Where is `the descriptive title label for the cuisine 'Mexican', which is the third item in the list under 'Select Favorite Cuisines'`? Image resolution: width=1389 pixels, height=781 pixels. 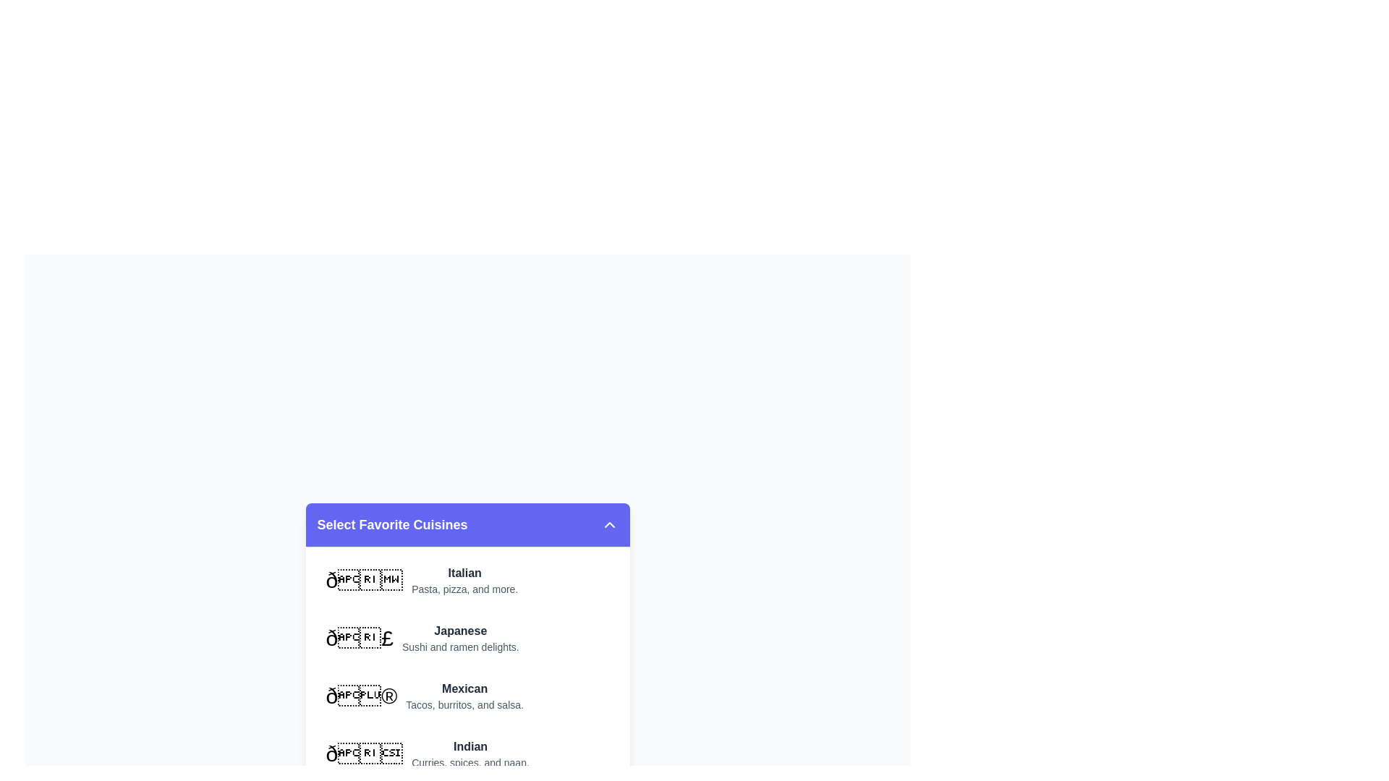 the descriptive title label for the cuisine 'Mexican', which is the third item in the list under 'Select Favorite Cuisines' is located at coordinates (464, 688).